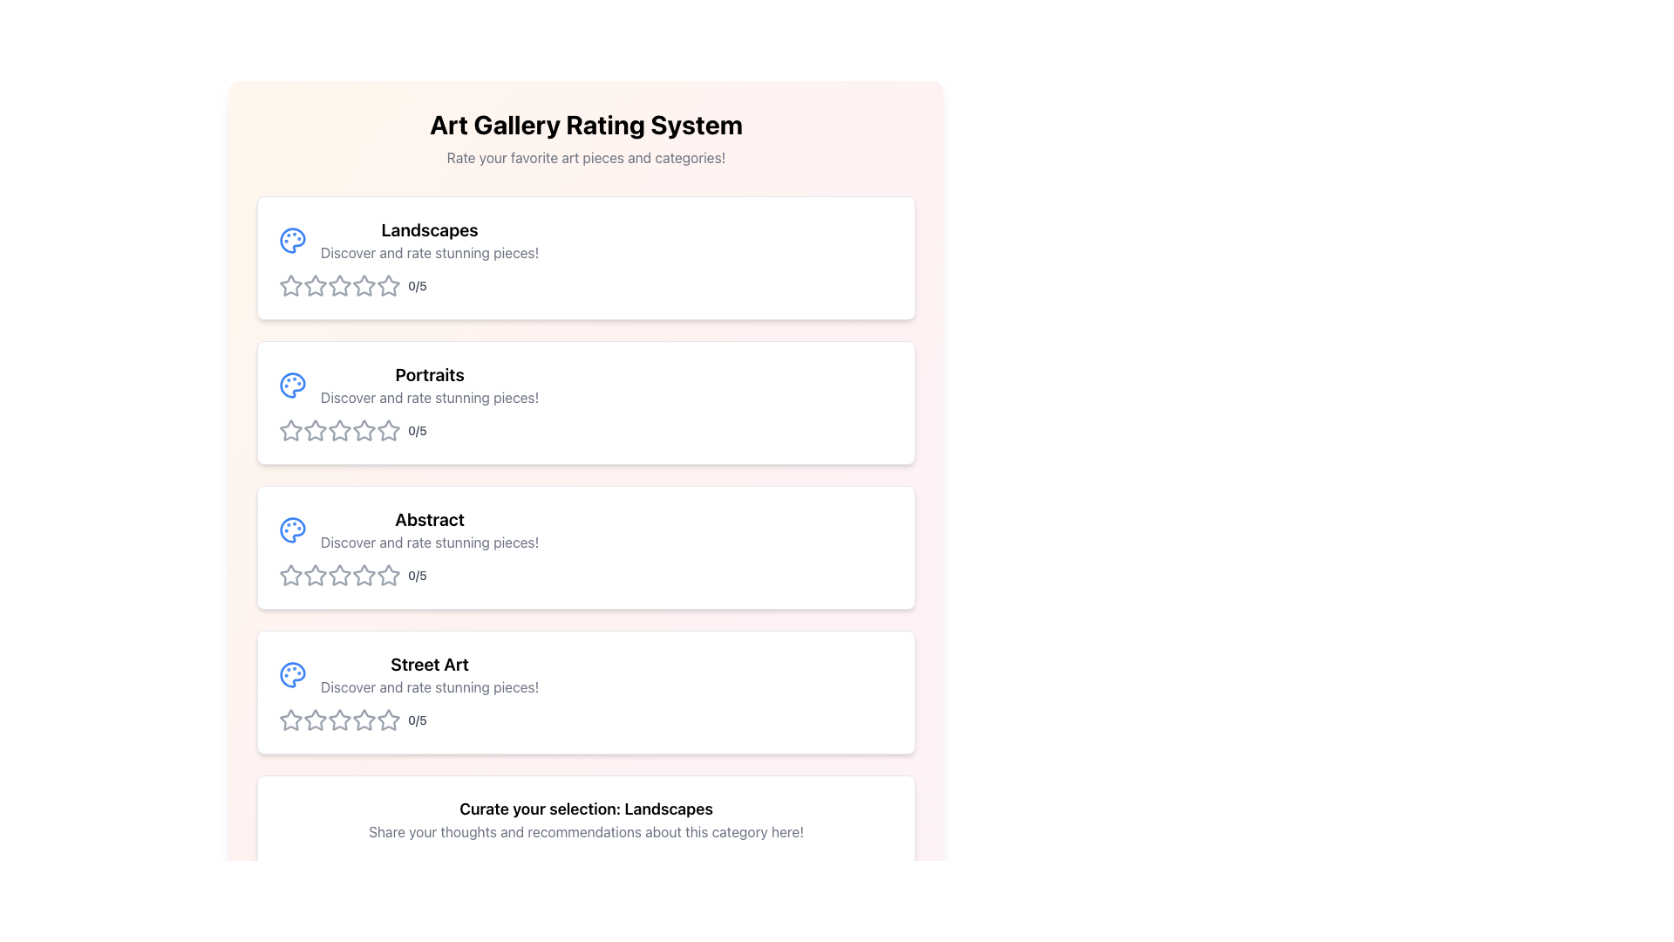 This screenshot has height=942, width=1674. Describe the element at coordinates (363, 430) in the screenshot. I see `the fifth star-shaped icon in light gray color in the 'Portraits' section of the gallery rating system page` at that location.